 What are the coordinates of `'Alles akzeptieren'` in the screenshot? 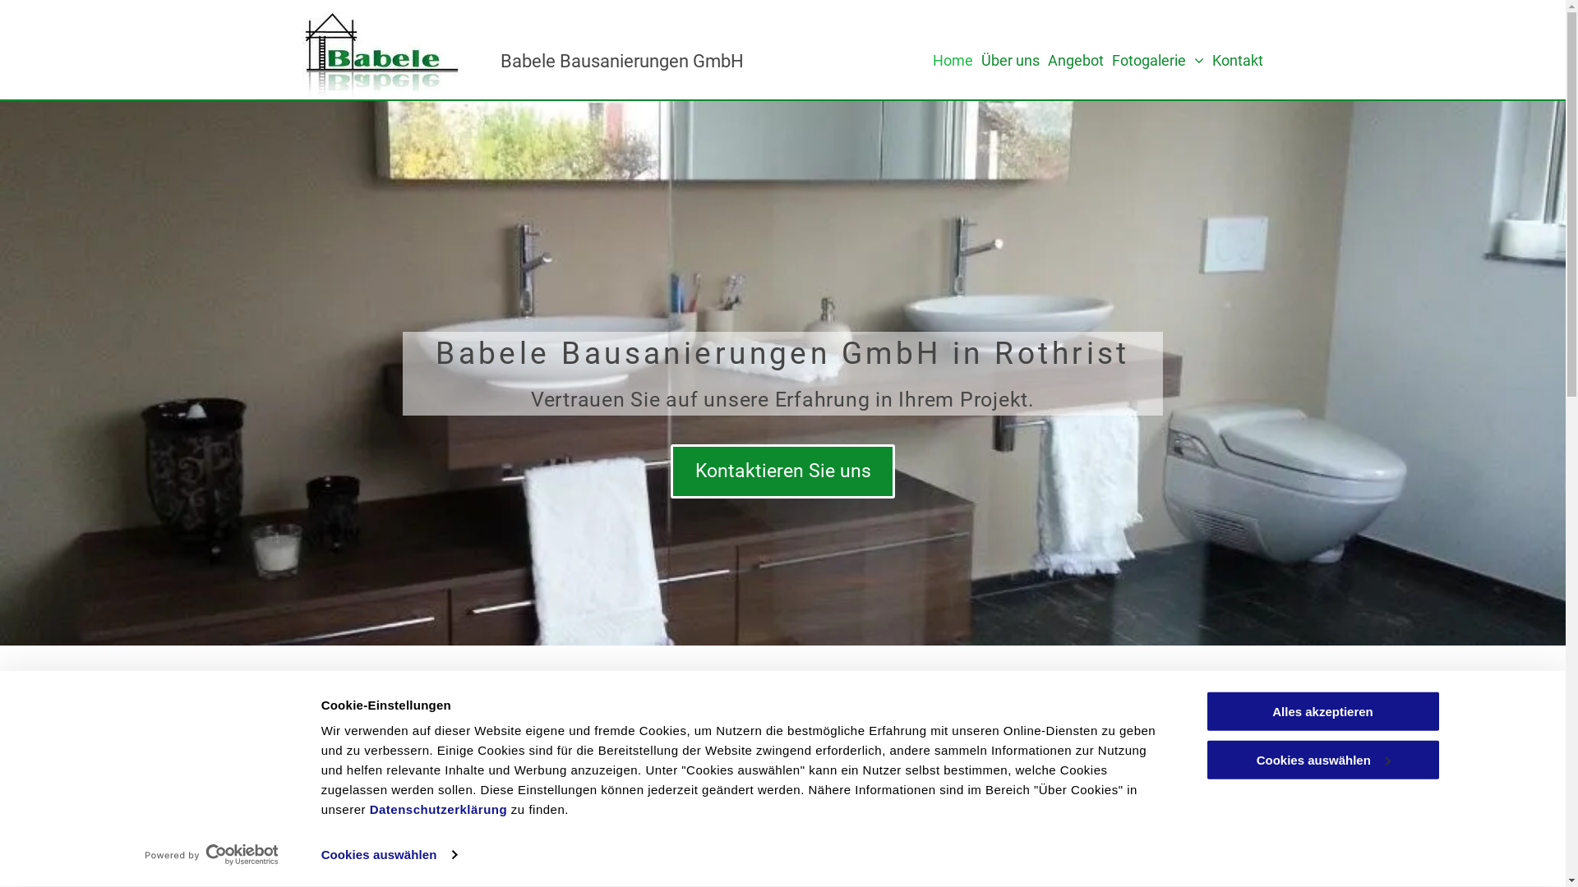 It's located at (1322, 710).